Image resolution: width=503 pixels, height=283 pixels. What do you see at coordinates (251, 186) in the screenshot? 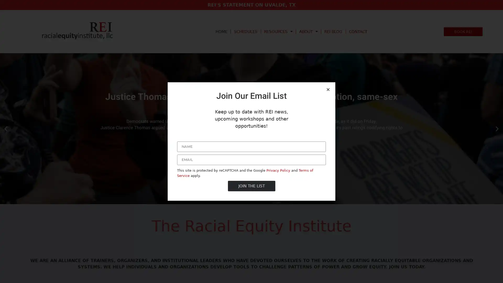
I see `JOIN THE LIST` at bounding box center [251, 186].